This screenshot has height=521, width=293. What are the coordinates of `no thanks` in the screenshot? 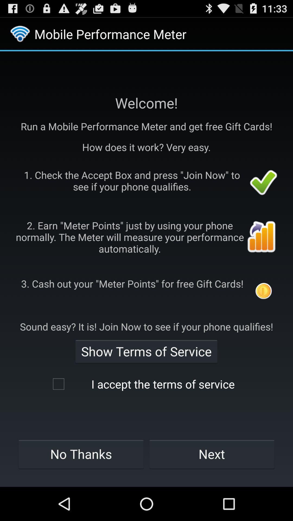 It's located at (81, 454).